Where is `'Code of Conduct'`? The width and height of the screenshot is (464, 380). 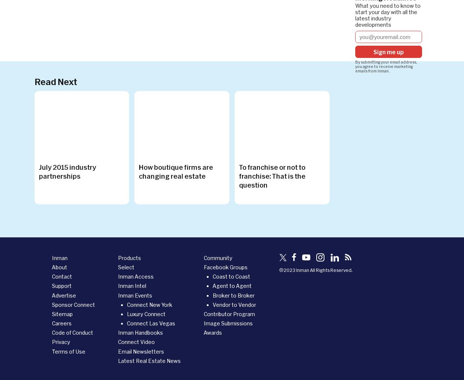
'Code of Conduct' is located at coordinates (52, 332).